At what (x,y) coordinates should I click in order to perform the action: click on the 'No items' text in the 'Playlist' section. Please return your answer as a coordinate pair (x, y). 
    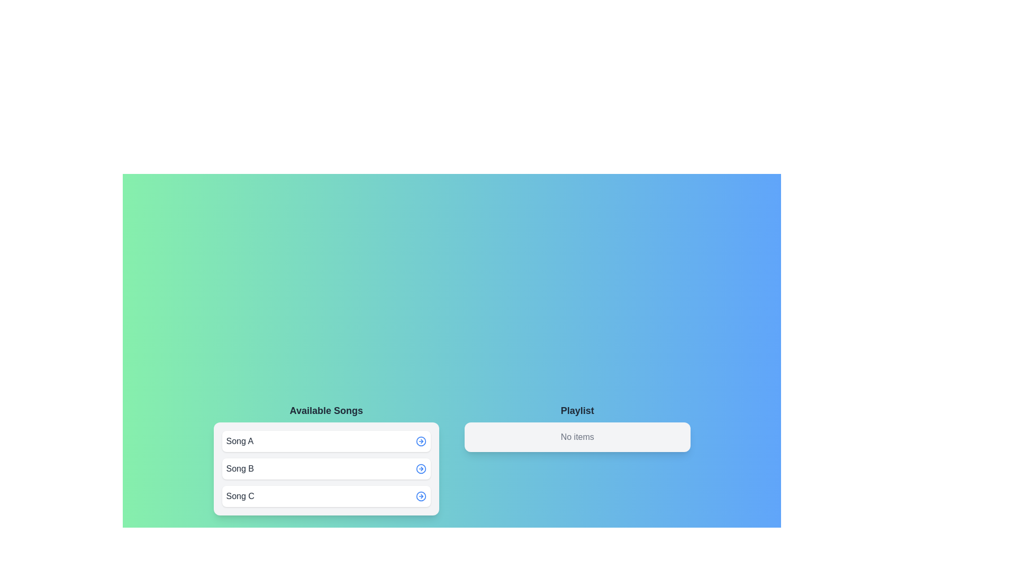
    Looking at the image, I should click on (576, 437).